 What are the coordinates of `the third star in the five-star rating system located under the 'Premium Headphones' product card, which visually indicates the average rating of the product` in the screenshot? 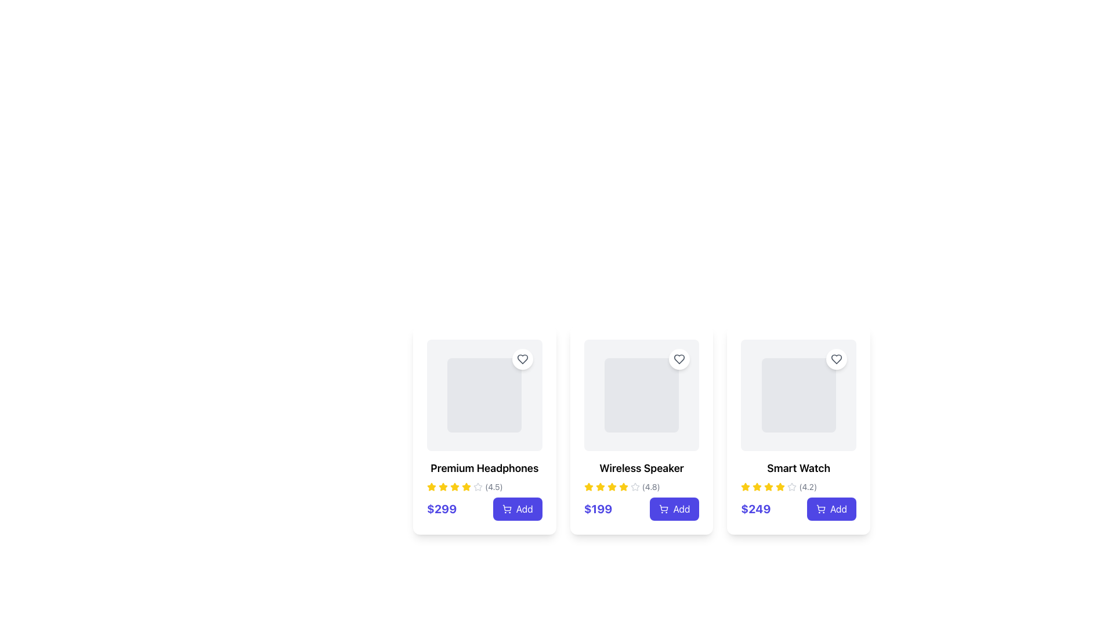 It's located at (442, 487).